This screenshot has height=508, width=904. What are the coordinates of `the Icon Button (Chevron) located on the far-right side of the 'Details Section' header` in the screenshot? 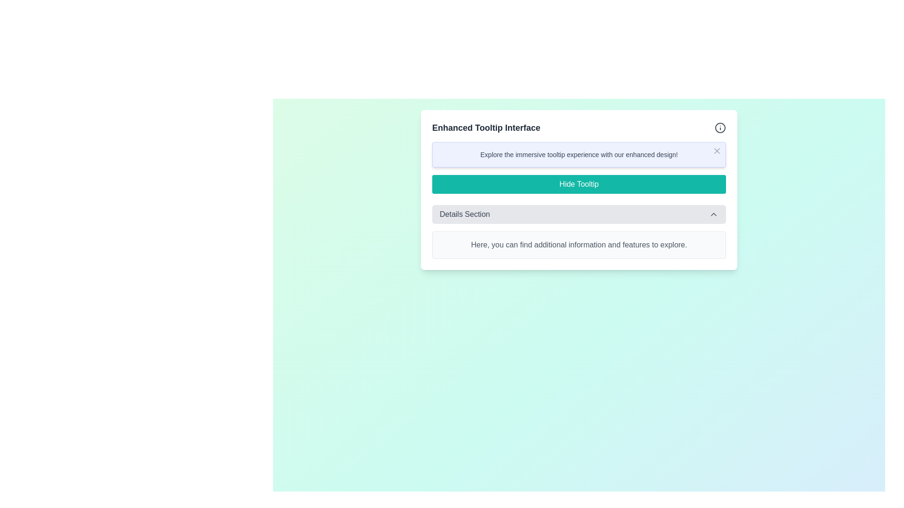 It's located at (714, 214).